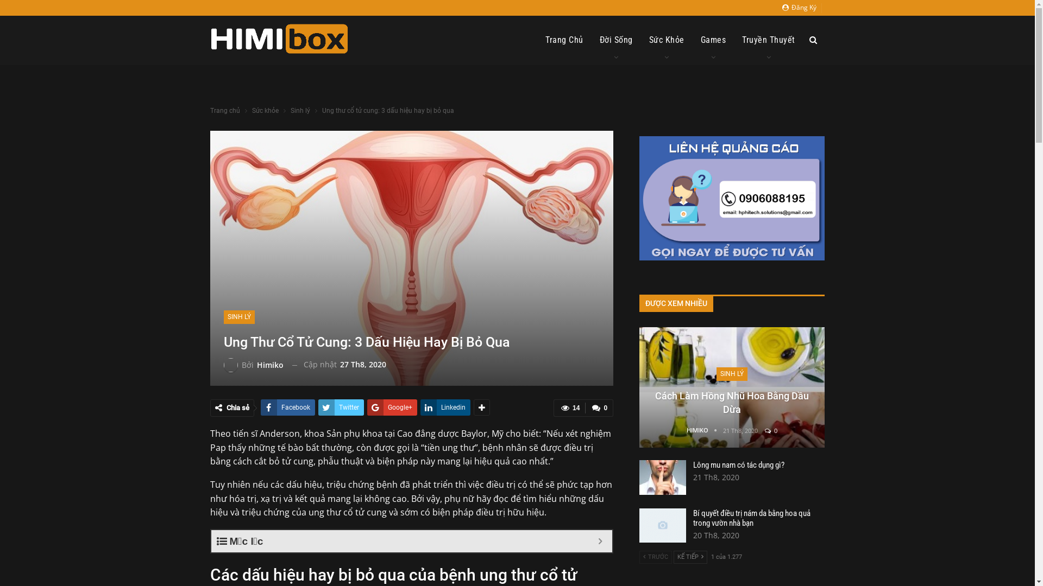  Describe the element at coordinates (287, 407) in the screenshot. I see `'Facebook'` at that location.